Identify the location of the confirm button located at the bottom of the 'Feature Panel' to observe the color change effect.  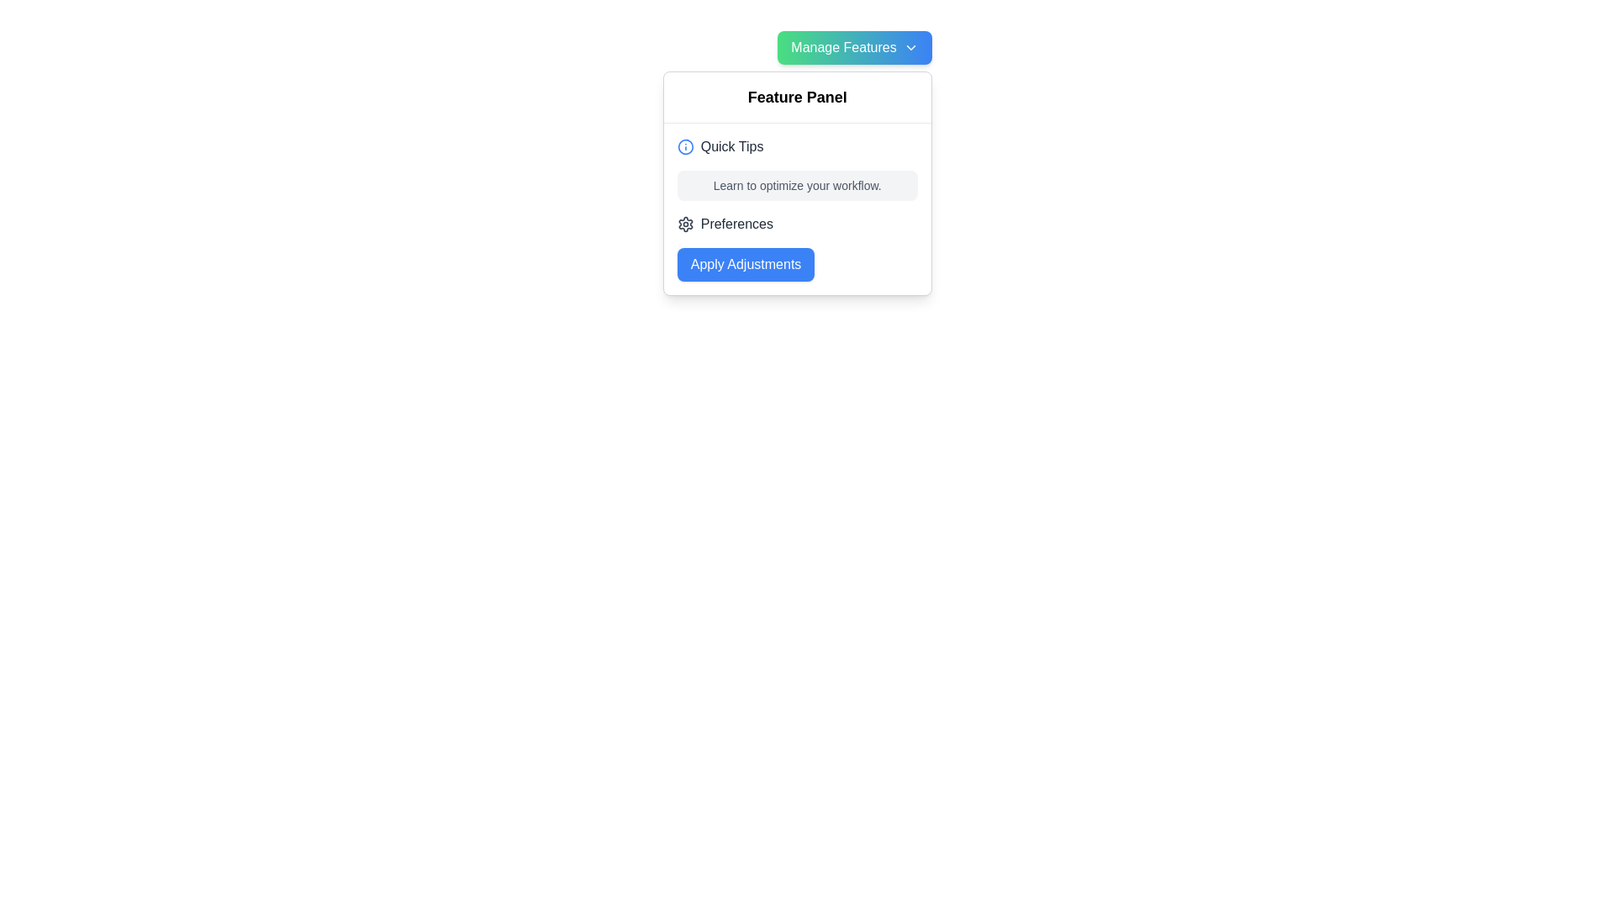
(745, 265).